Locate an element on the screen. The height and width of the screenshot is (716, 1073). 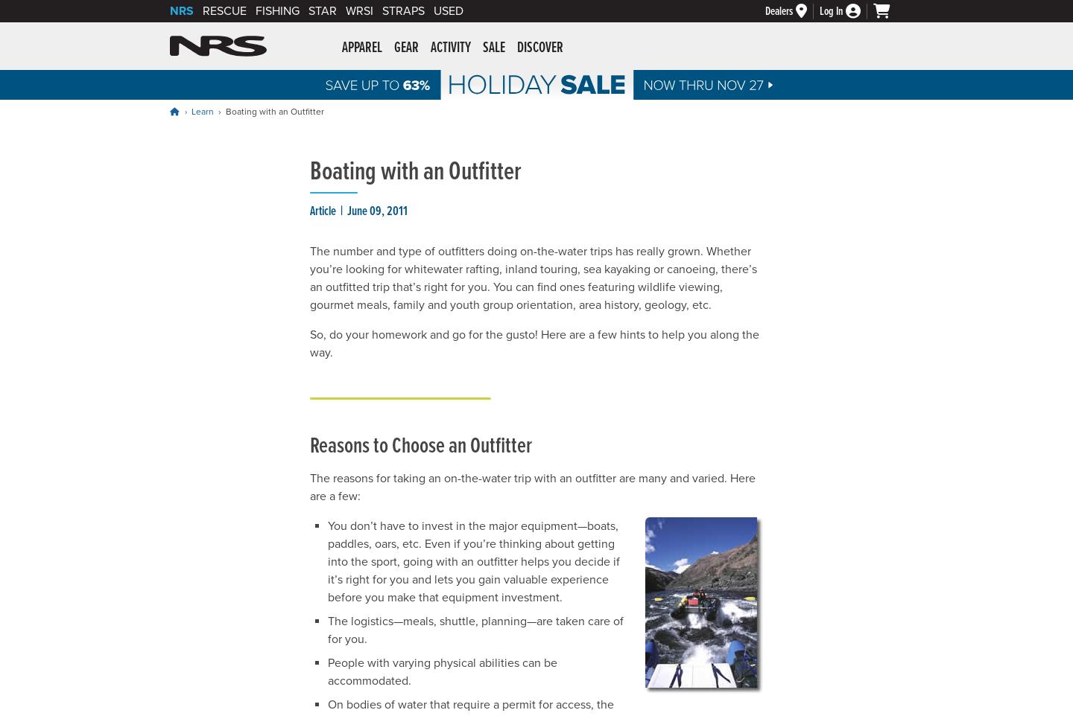
'Article' is located at coordinates (323, 211).